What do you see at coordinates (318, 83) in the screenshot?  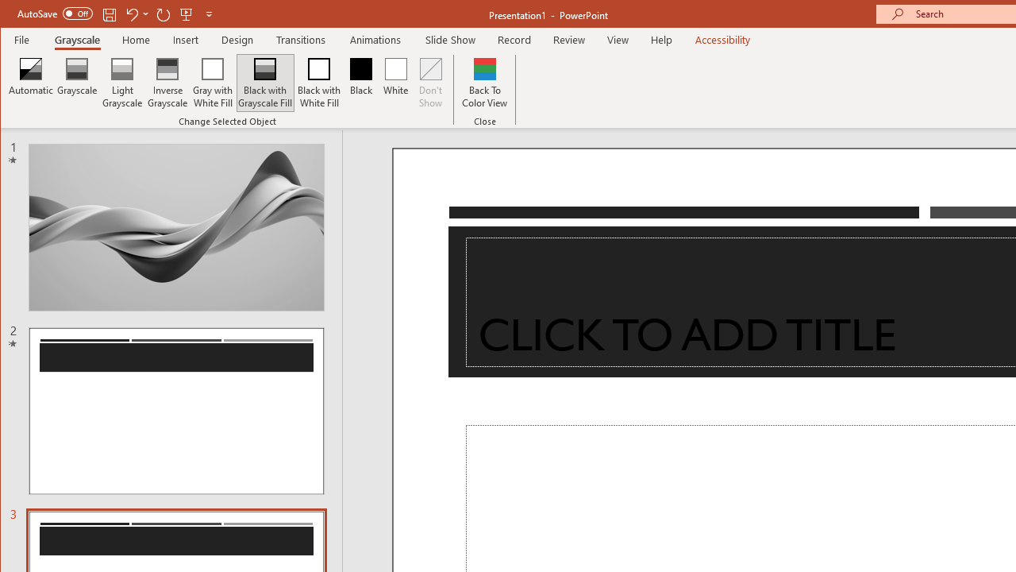 I see `'Black with White Fill'` at bounding box center [318, 83].